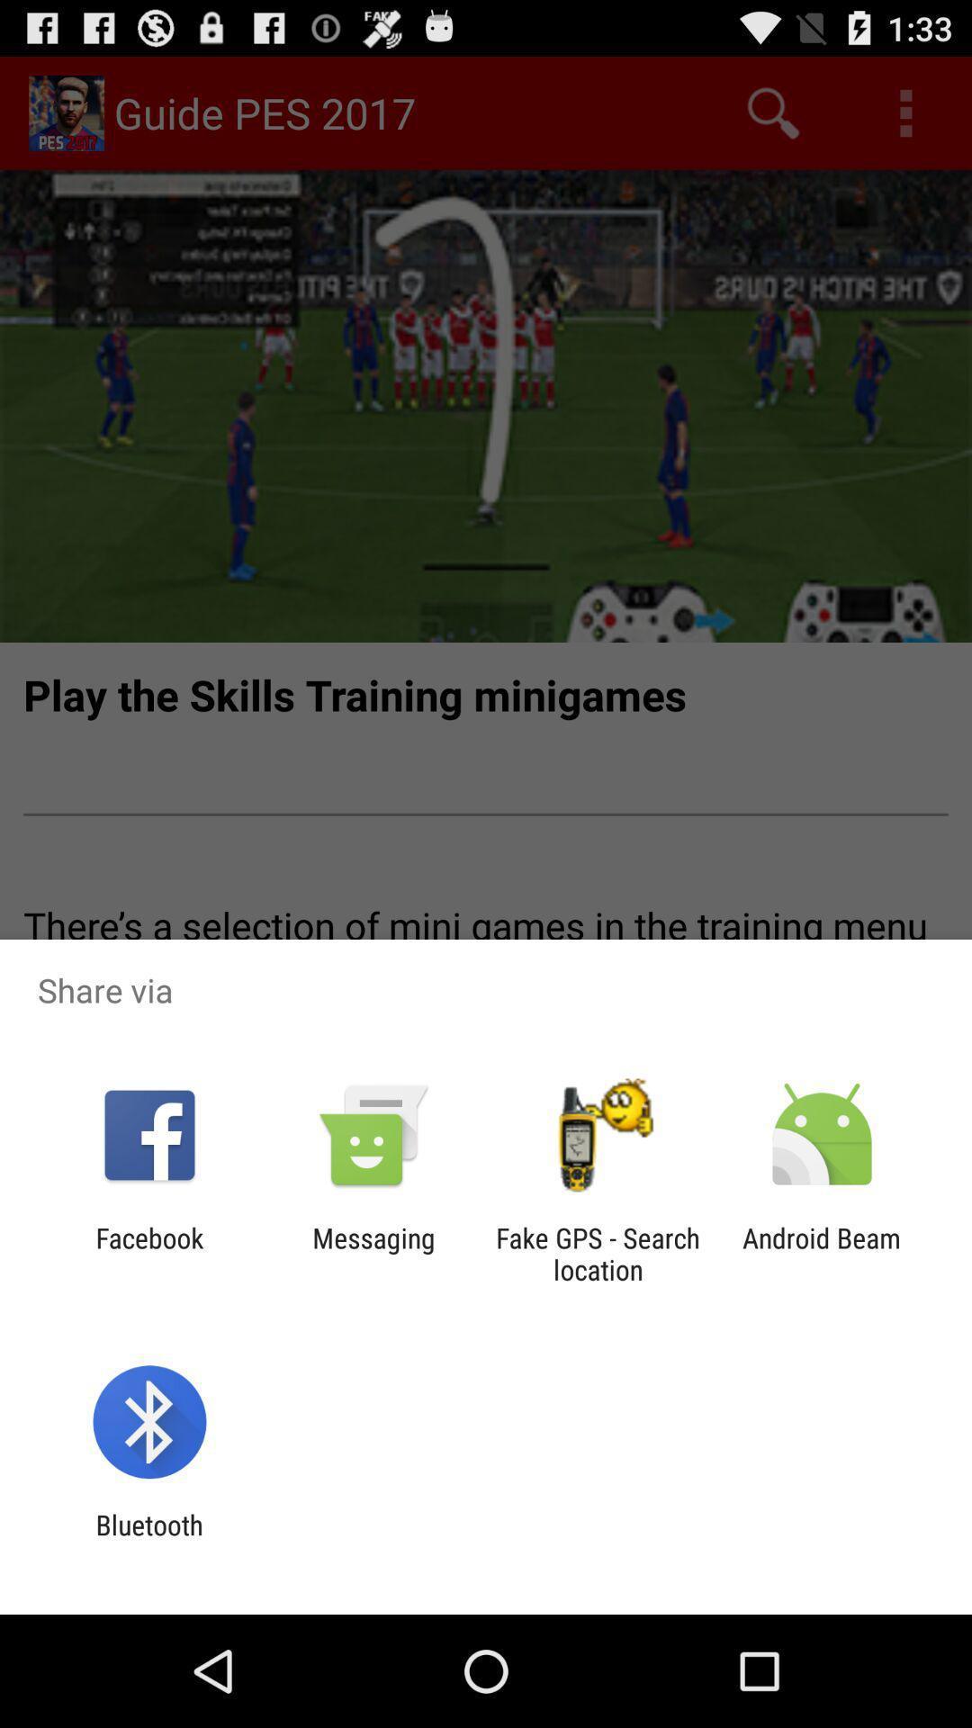  Describe the element at coordinates (373, 1253) in the screenshot. I see `icon to the left of fake gps search item` at that location.